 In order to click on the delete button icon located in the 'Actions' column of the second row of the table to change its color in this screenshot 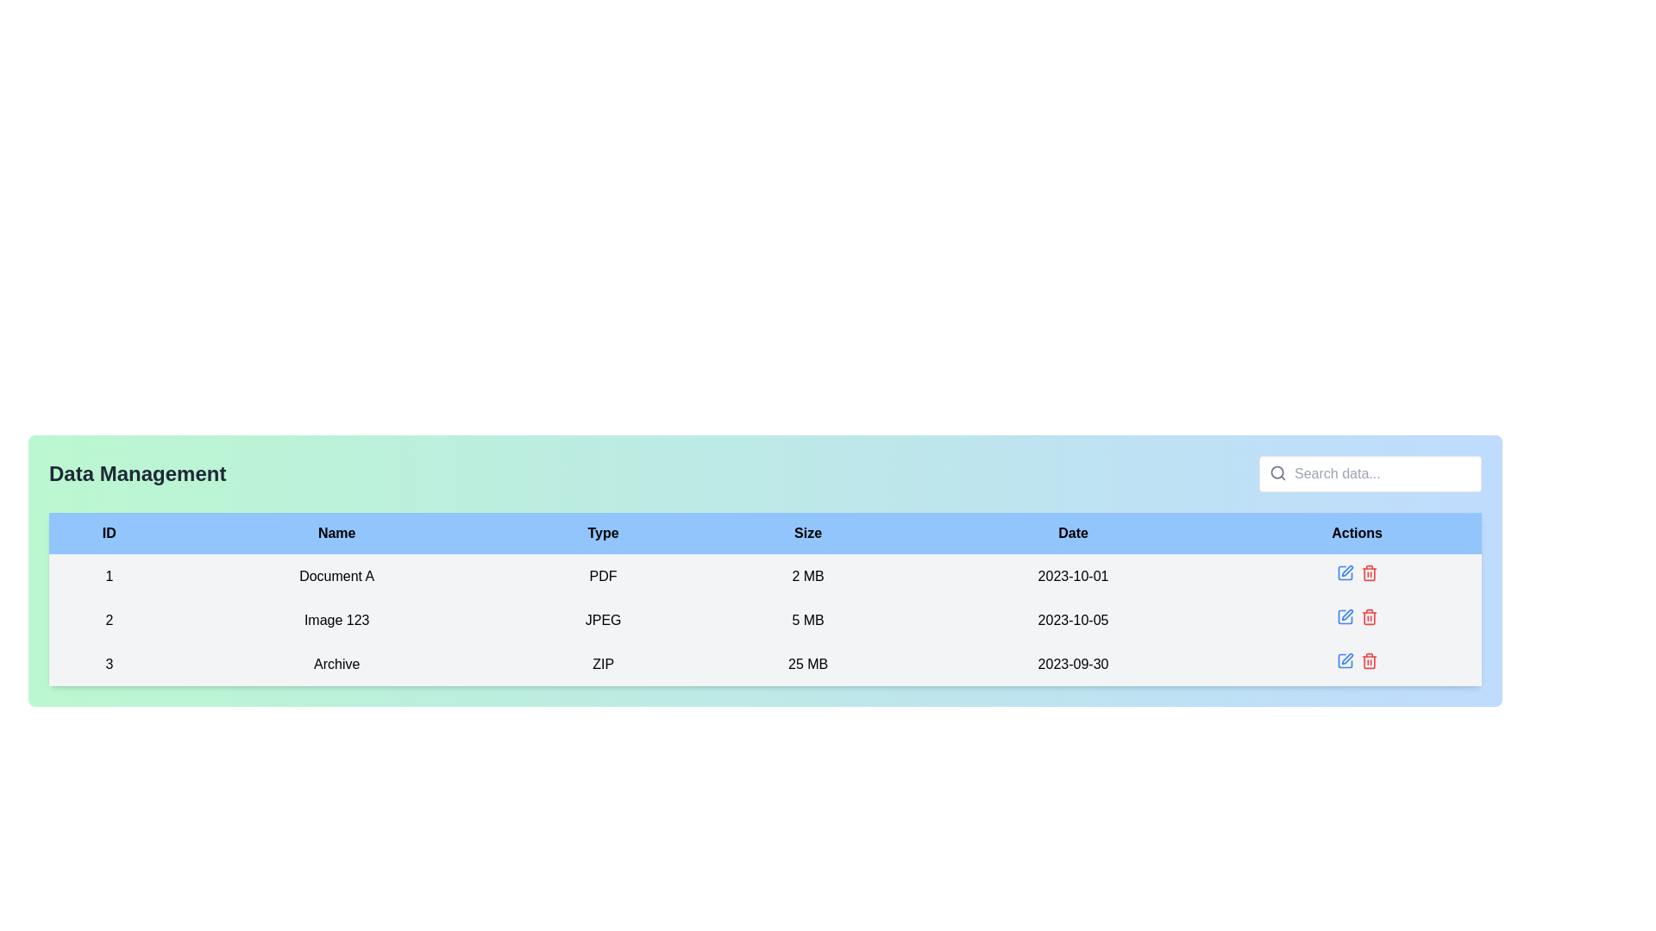, I will do `click(1368, 616)`.